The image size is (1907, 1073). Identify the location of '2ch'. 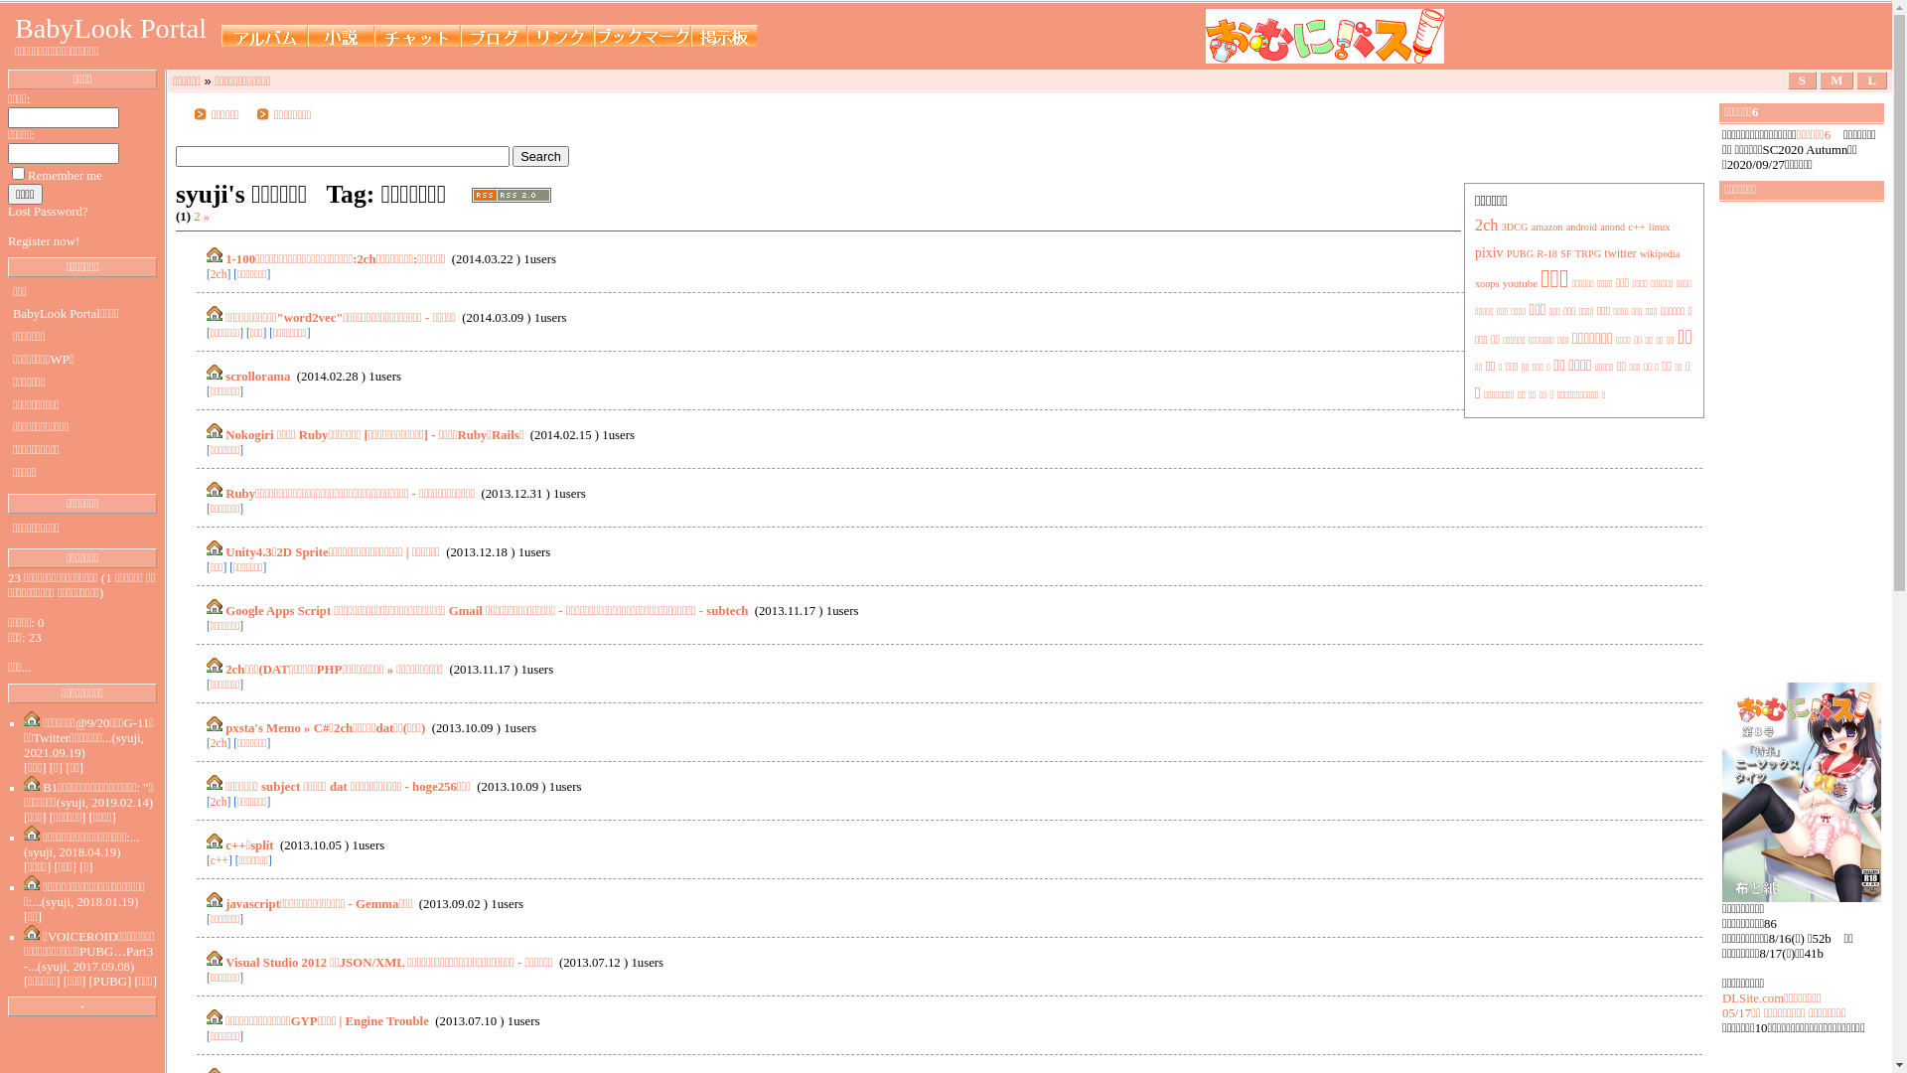
(1487, 225).